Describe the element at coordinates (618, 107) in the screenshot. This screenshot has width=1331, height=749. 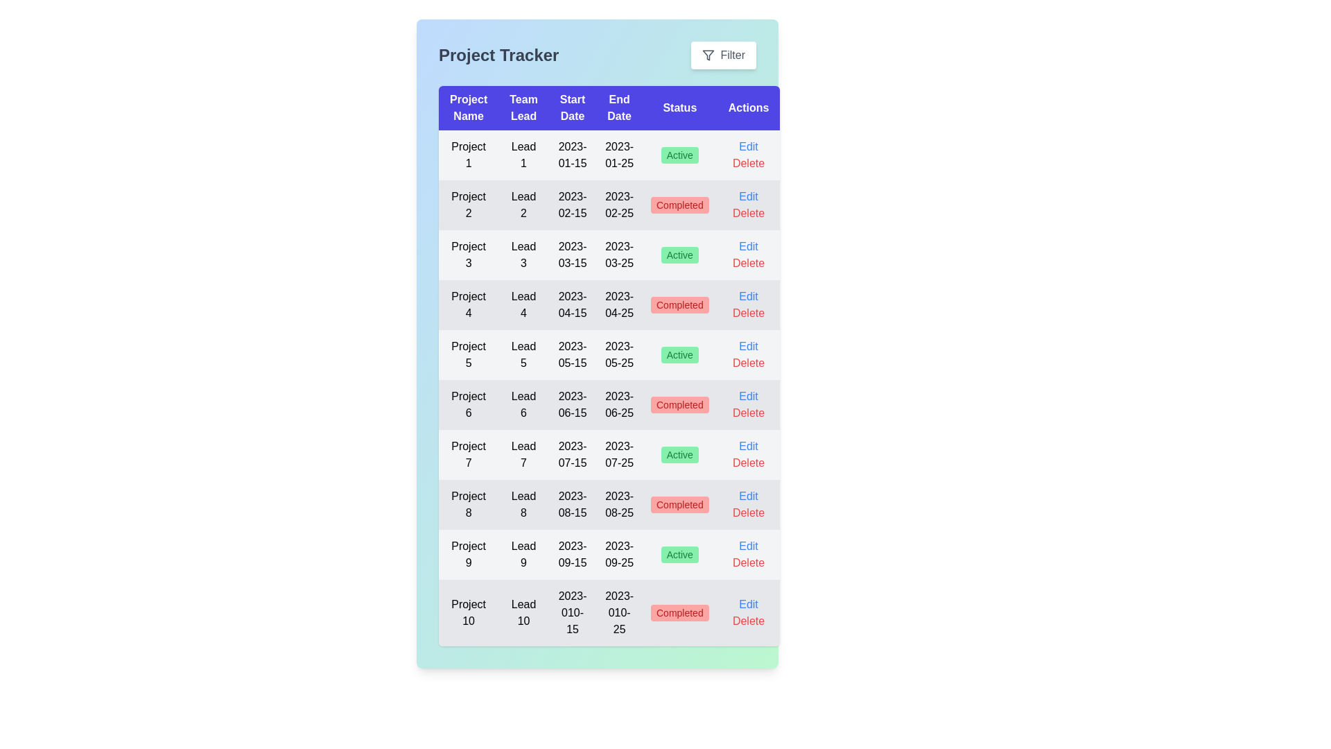
I see `the column header corresponding to End Date to sort by that column` at that location.